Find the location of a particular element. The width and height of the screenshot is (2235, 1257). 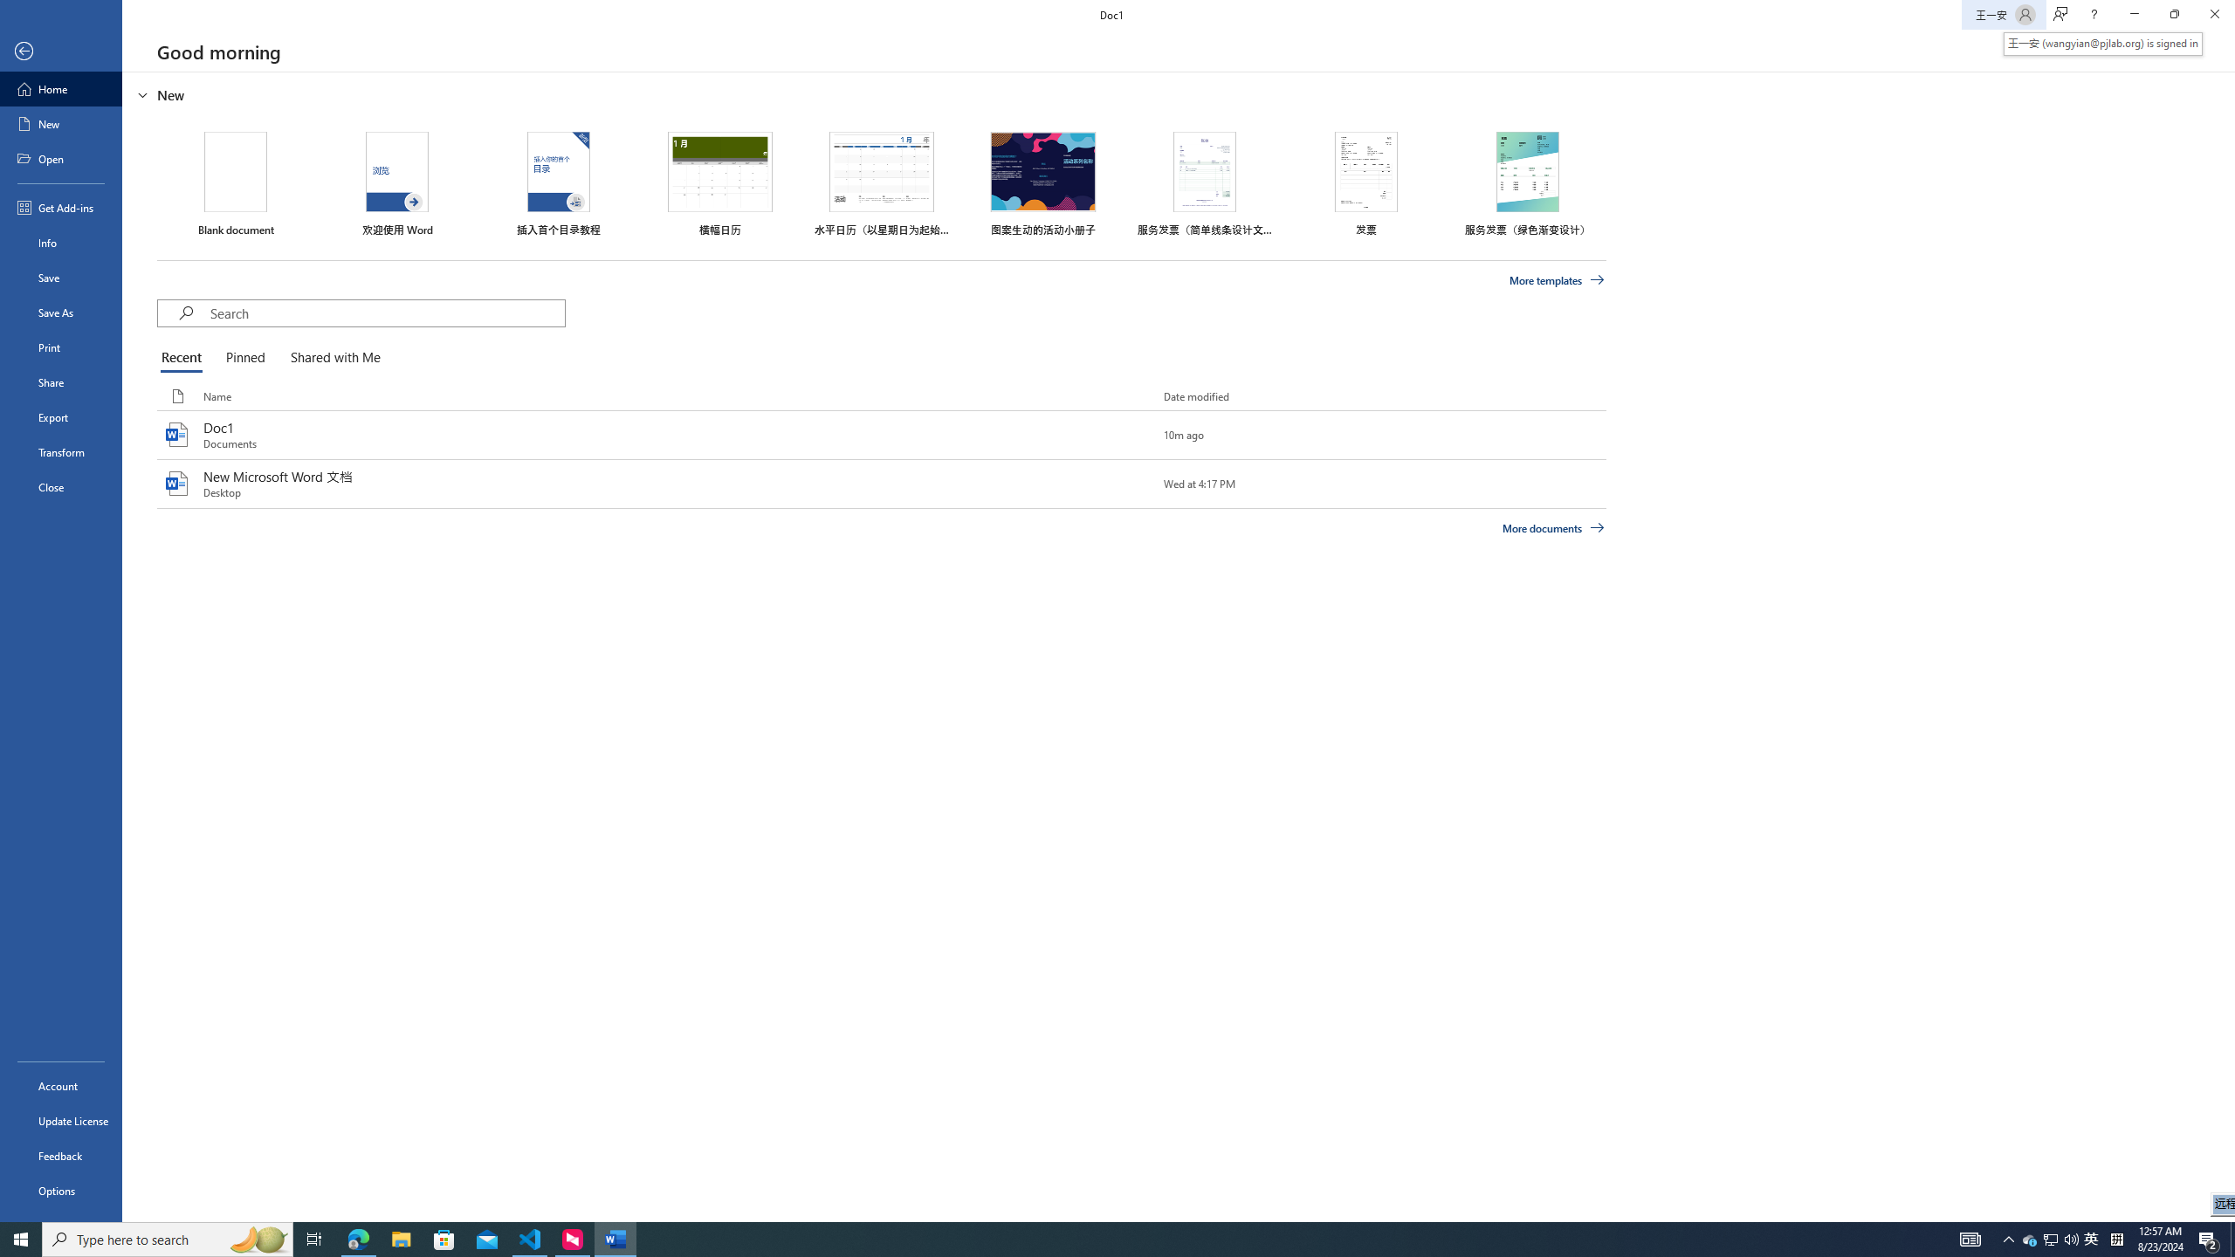

'Update License' is located at coordinates (60, 1120).